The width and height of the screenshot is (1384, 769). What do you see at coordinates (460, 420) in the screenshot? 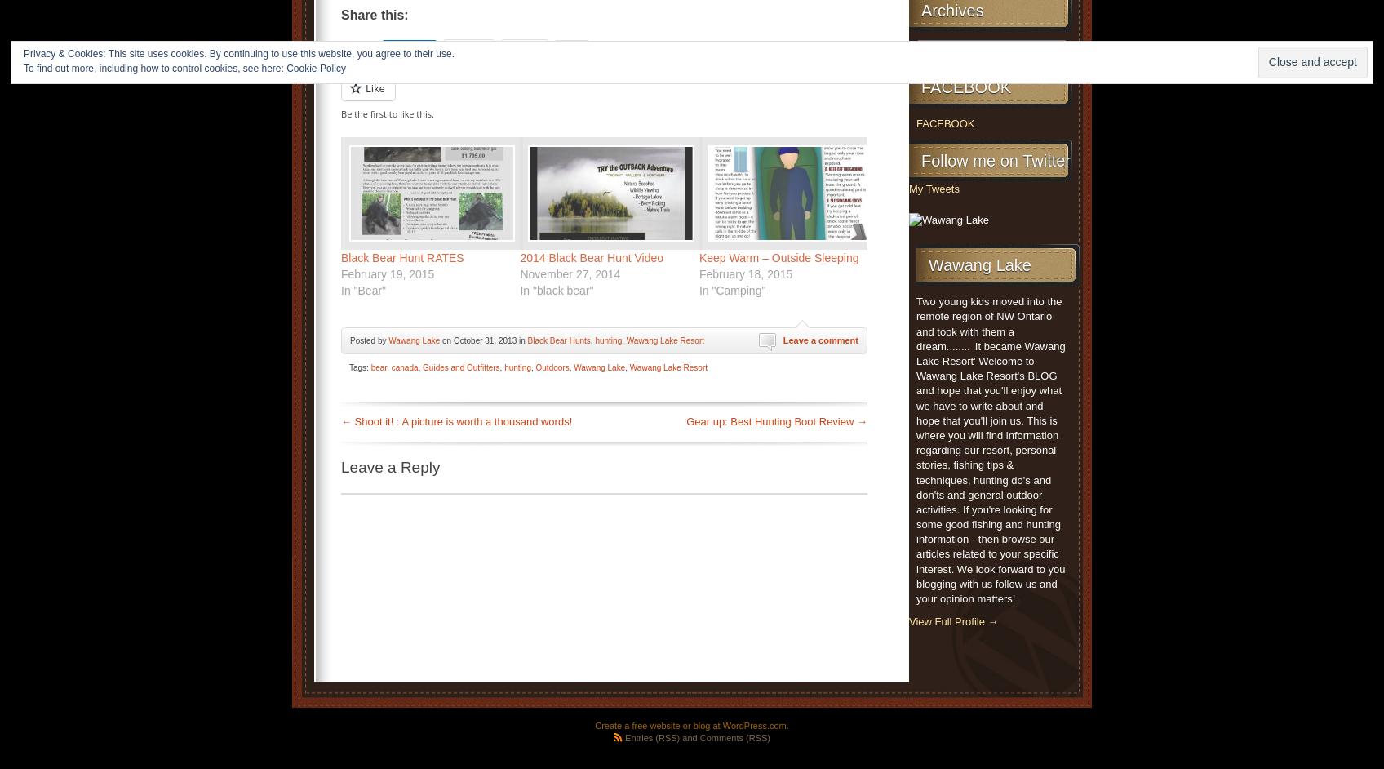
I see `'Shoot it! : A picture is worth a thousand words!'` at bounding box center [460, 420].